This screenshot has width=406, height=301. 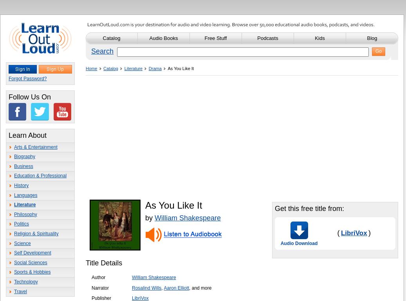 I want to click on 'Languages', so click(x=25, y=195).